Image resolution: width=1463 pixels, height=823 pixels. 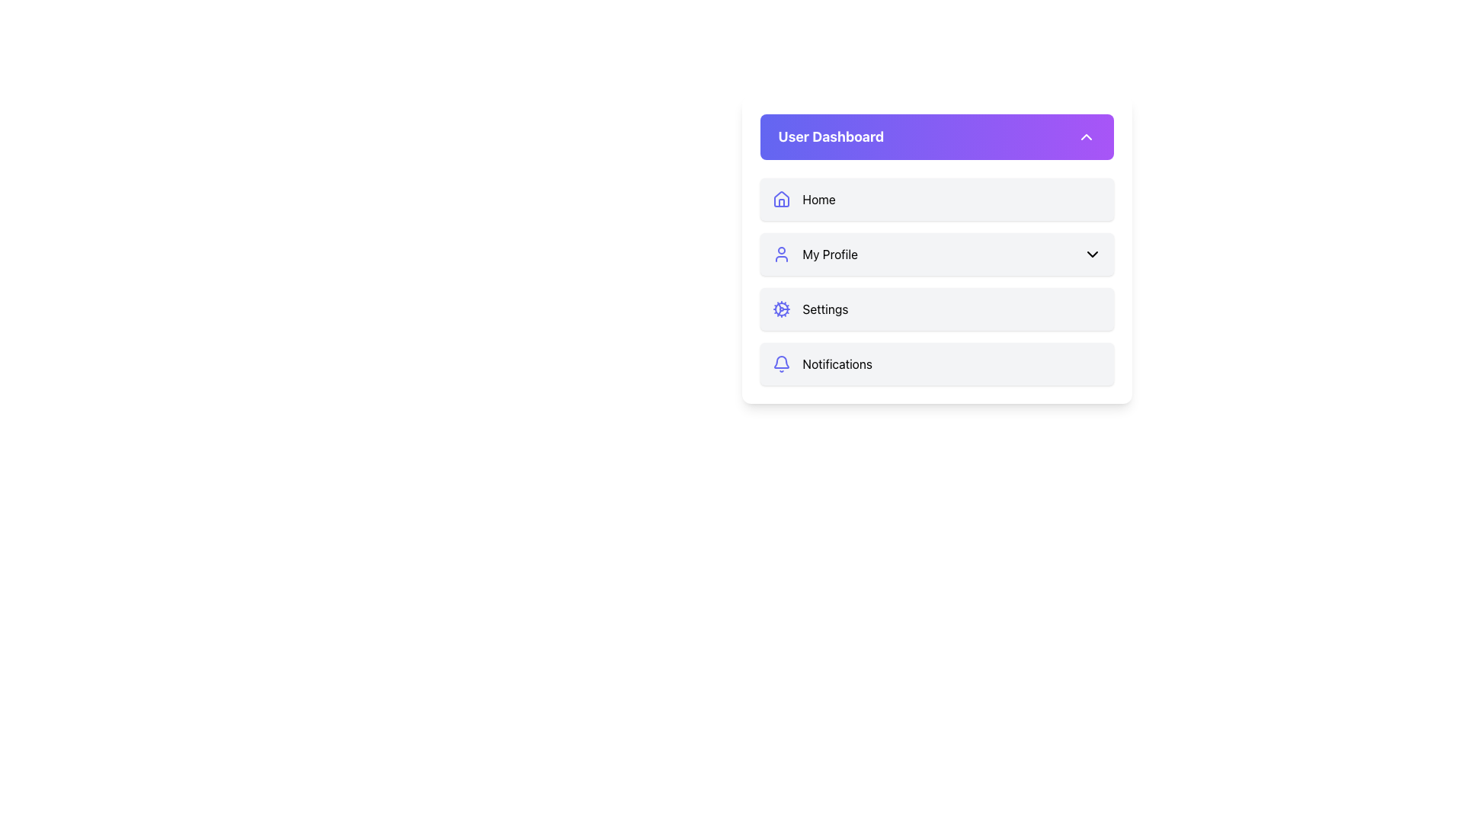 I want to click on the navigation menu item located vertically between 'Home' and 'Settings', so click(x=814, y=254).